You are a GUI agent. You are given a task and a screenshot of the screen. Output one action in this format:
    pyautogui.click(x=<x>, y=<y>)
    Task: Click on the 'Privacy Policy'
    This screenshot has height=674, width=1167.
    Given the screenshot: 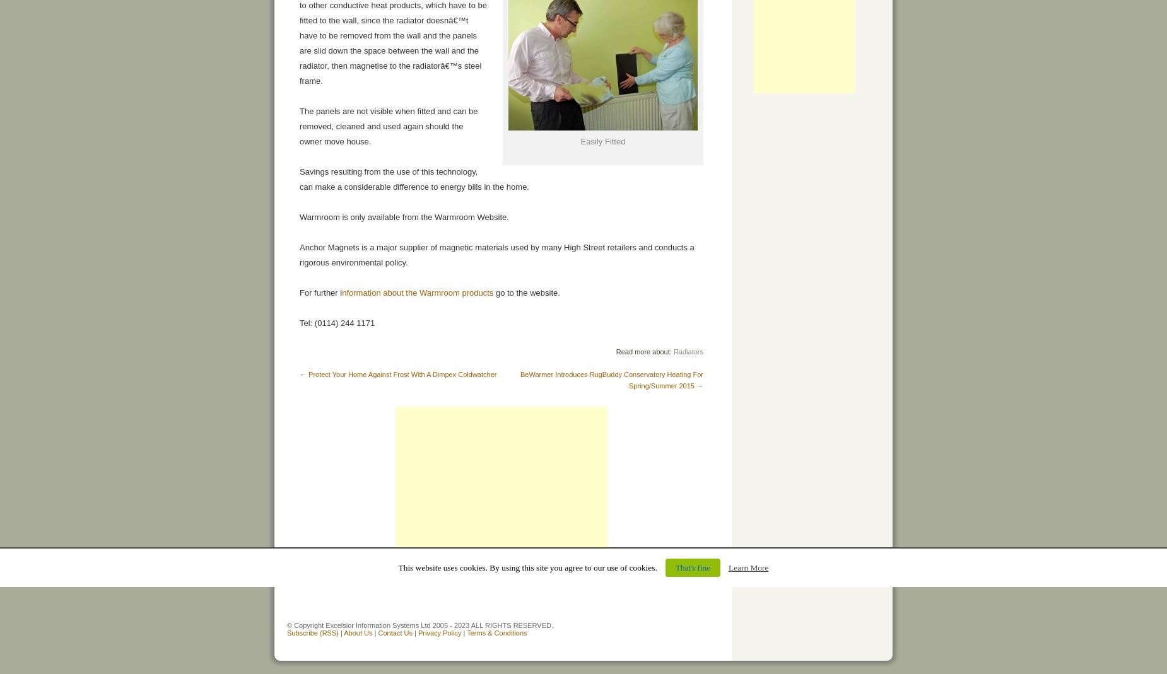 What is the action you would take?
    pyautogui.click(x=439, y=633)
    